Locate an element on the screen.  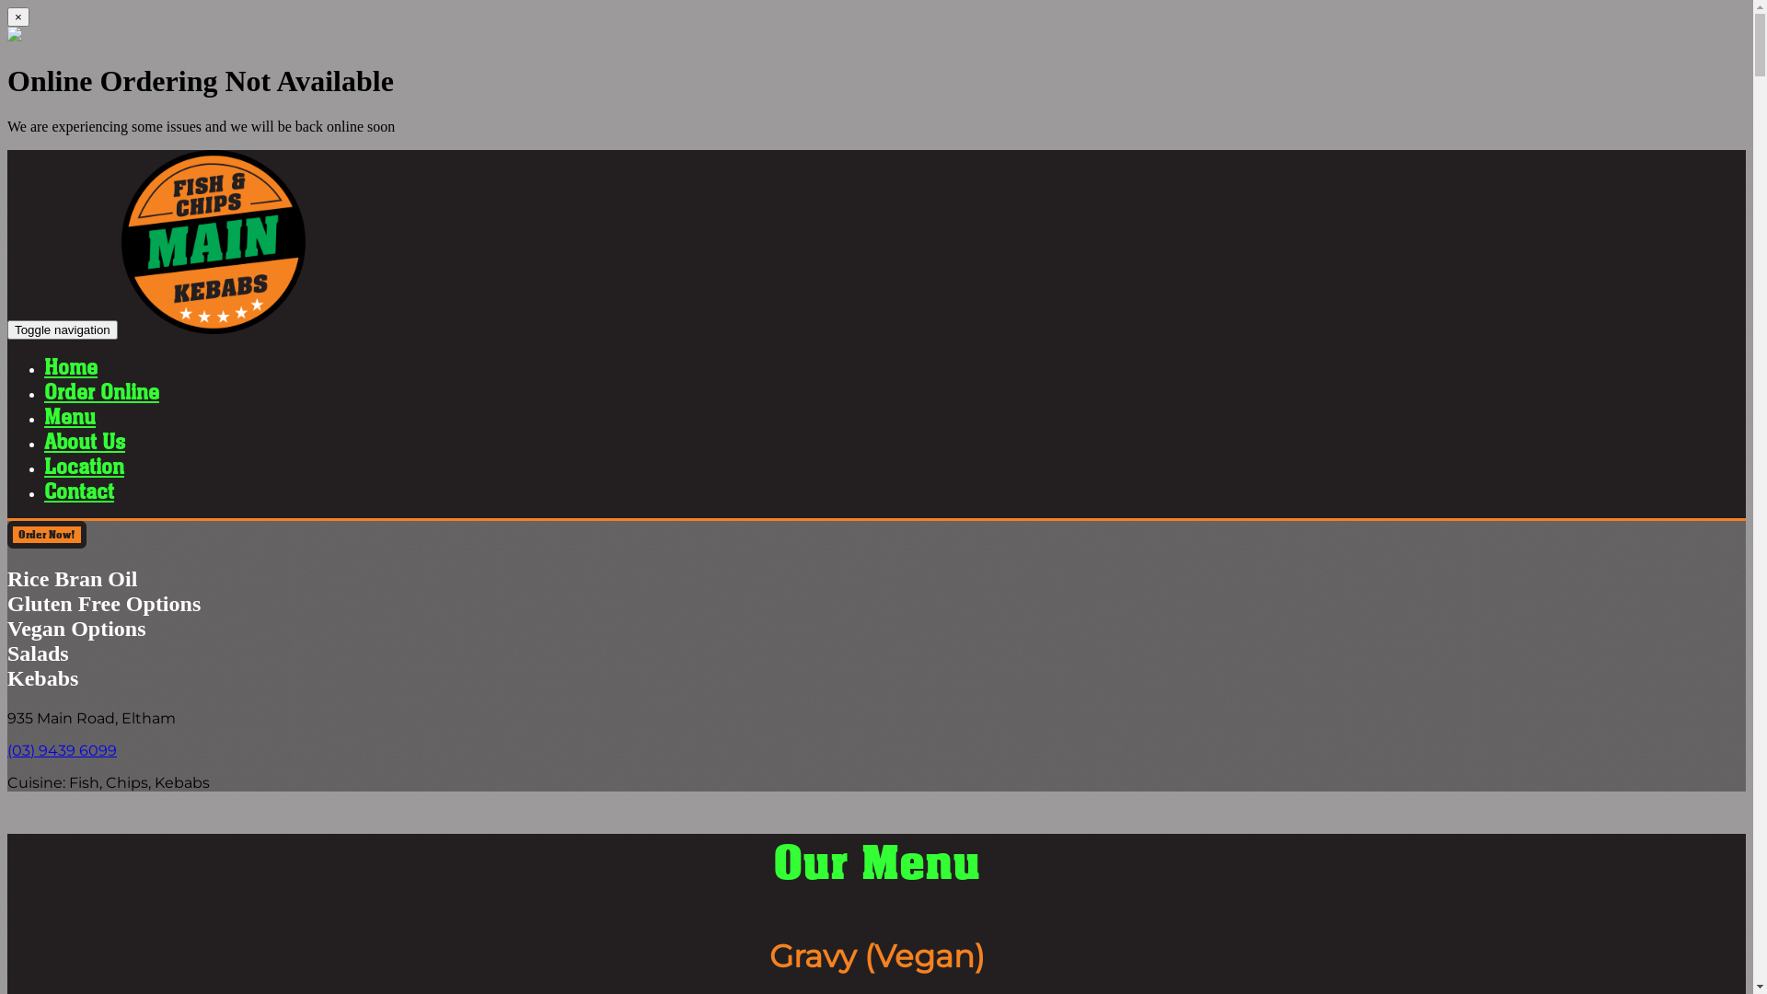
'Order Now!' is located at coordinates (47, 533).